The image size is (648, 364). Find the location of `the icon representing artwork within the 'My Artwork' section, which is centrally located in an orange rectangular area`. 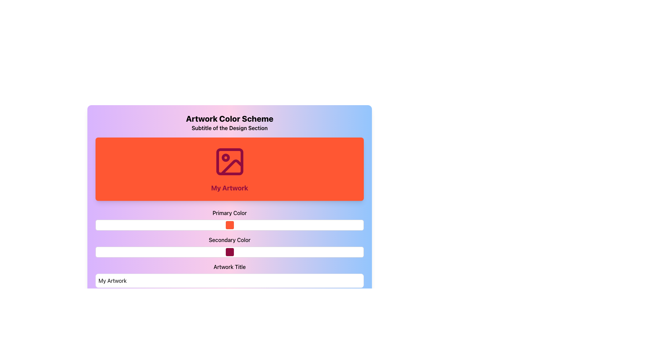

the icon representing artwork within the 'My Artwork' section, which is centrally located in an orange rectangular area is located at coordinates (230, 161).